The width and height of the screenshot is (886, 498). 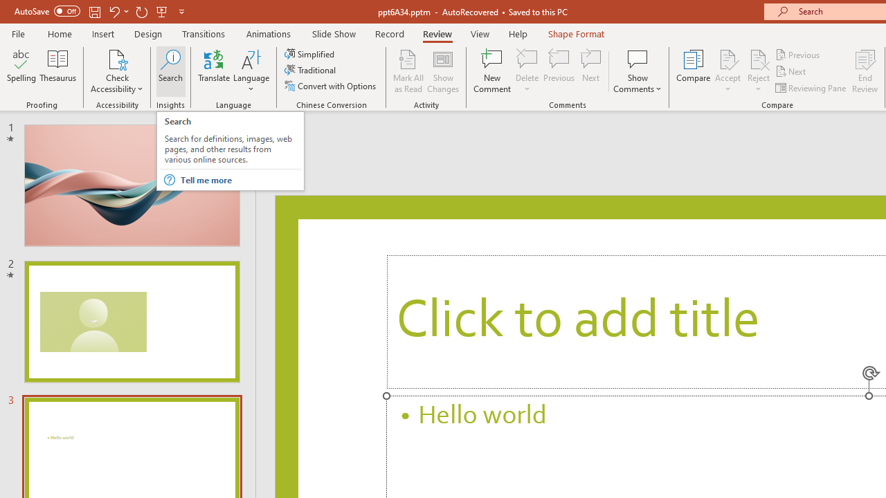 I want to click on 'Reject Change', so click(x=758, y=58).